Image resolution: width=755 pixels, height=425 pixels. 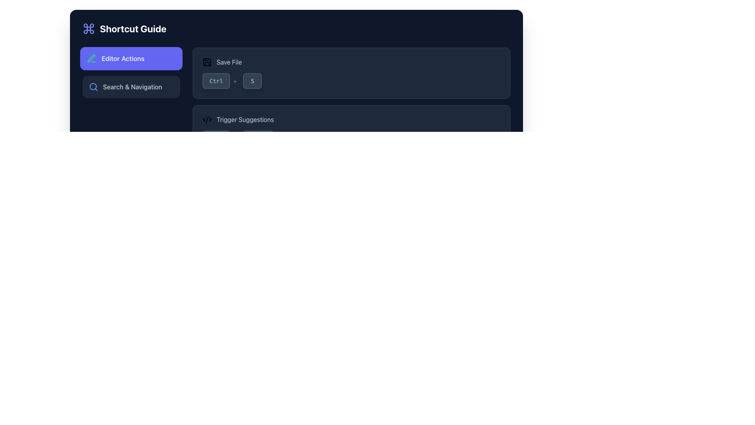 I want to click on the SVG icon that resembles a code or XML-related symbol, located to the left of the text 'Trigger Suggestions', so click(x=207, y=120).